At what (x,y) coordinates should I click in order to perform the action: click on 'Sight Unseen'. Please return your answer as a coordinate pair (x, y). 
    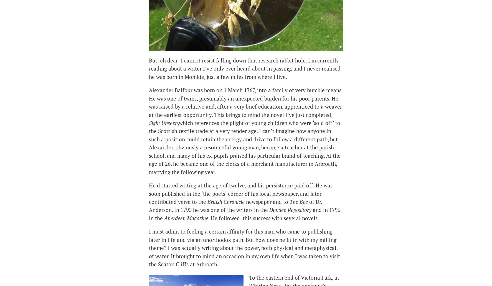
    Looking at the image, I should click on (163, 122).